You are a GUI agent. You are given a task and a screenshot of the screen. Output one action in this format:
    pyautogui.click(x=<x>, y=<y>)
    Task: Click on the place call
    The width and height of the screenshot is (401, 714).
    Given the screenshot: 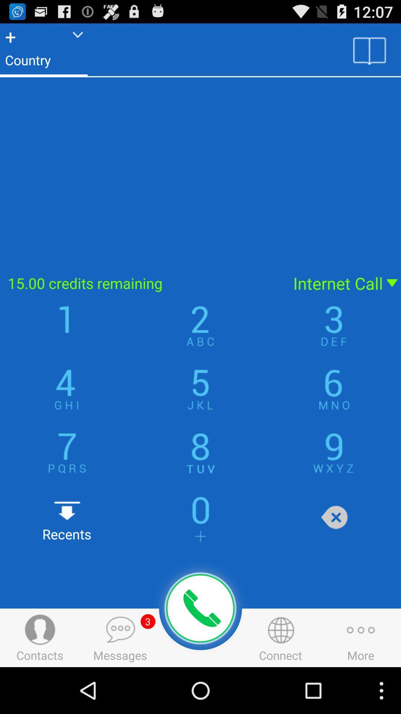 What is the action you would take?
    pyautogui.click(x=200, y=608)
    